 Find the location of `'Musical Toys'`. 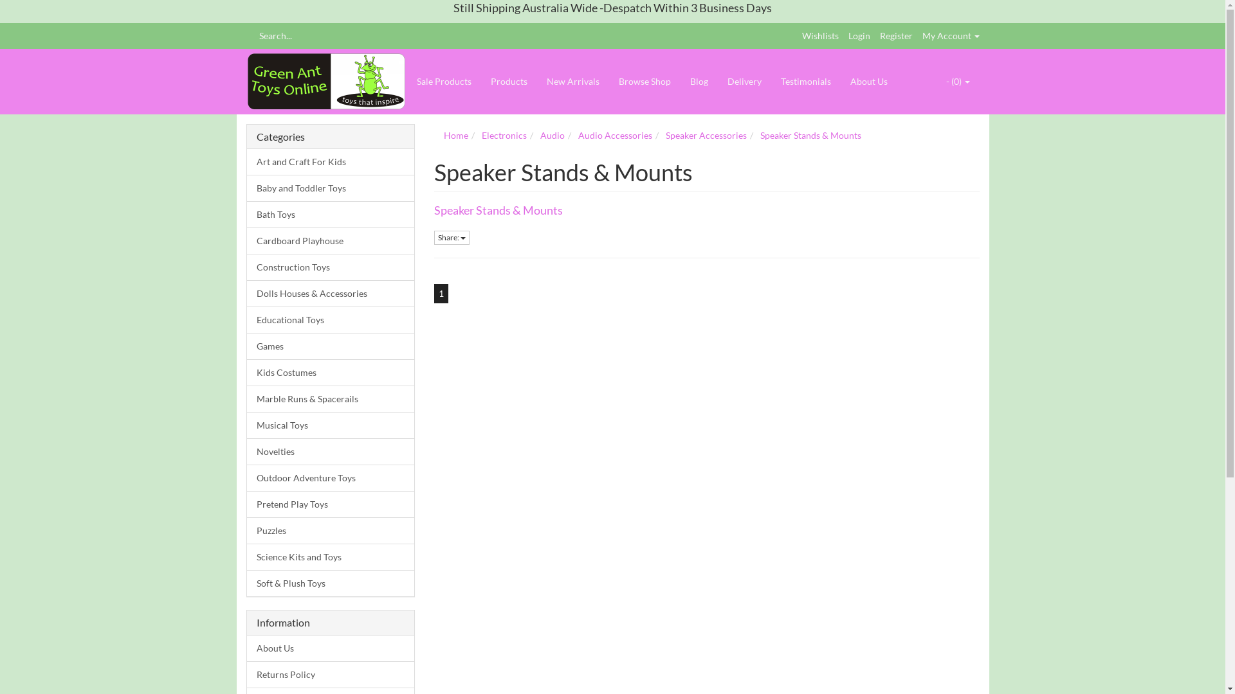

'Musical Toys' is located at coordinates (331, 425).